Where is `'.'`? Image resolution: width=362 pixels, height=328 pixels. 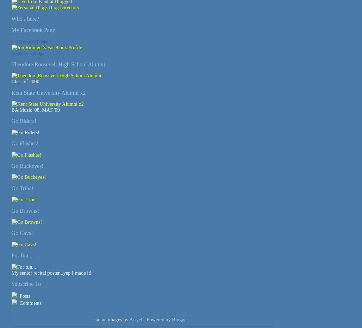 '.' is located at coordinates (188, 319).